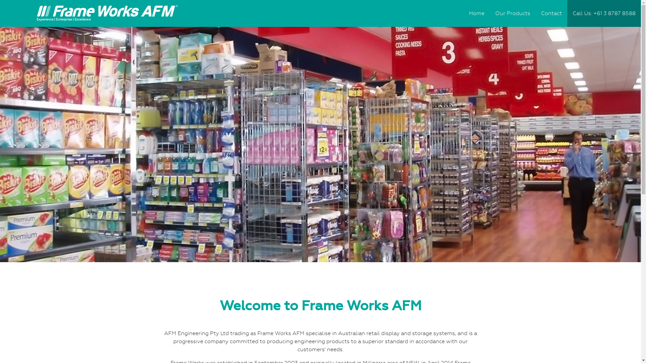 This screenshot has height=363, width=646. I want to click on 'Contact', so click(551, 13).